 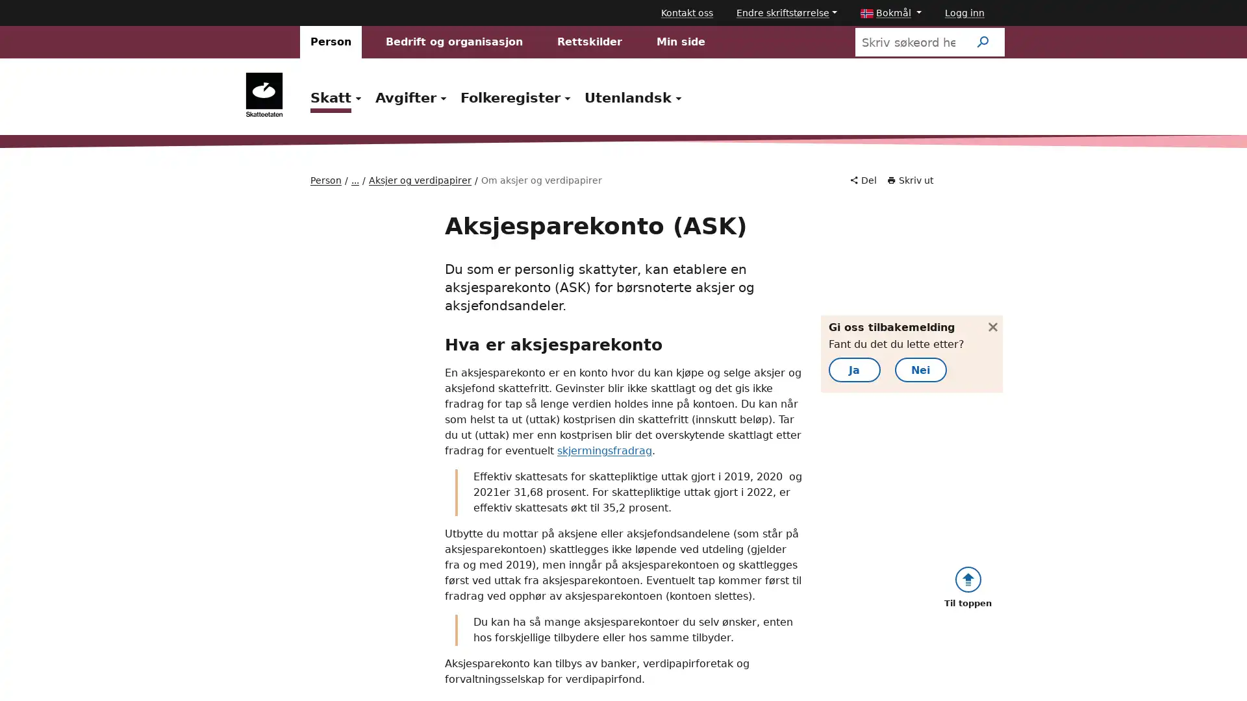 I want to click on Min side, so click(x=680, y=42).